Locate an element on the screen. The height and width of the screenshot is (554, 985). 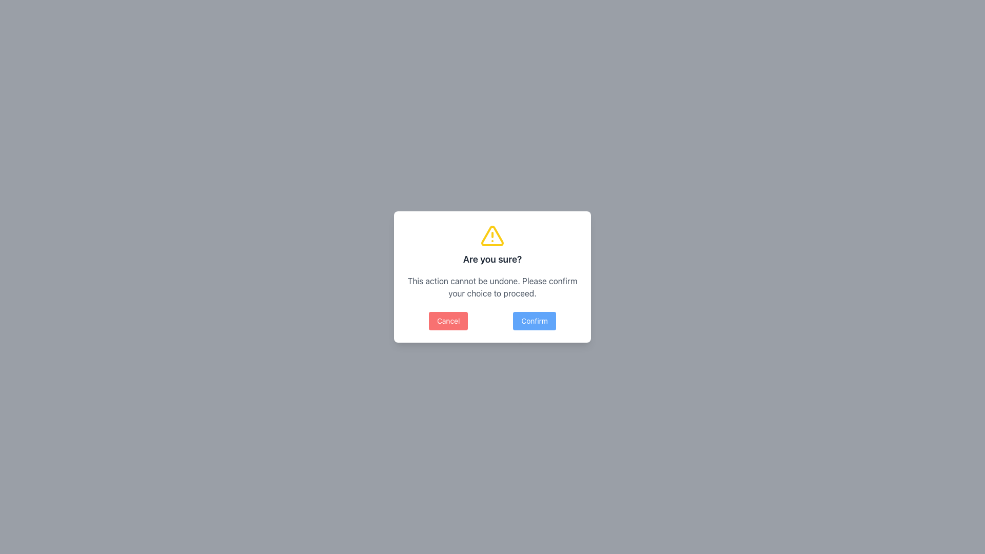
warning message in the modal dialog box that contains a yellow warning icon and the text 'Are you sure?' along with the instruction 'This action cannot be undone. Please confirm your choice to proceed.' is located at coordinates (493, 267).